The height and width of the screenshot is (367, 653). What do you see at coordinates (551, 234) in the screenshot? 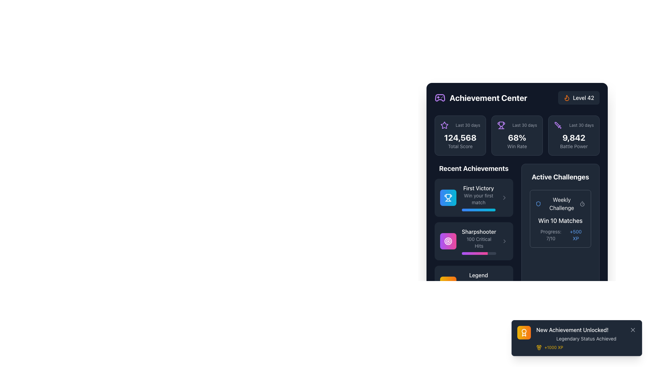
I see `the text label displaying 'Progress: 7/10' in the 'Active Challenges' section, located under 'Weekly Challenge'` at bounding box center [551, 234].